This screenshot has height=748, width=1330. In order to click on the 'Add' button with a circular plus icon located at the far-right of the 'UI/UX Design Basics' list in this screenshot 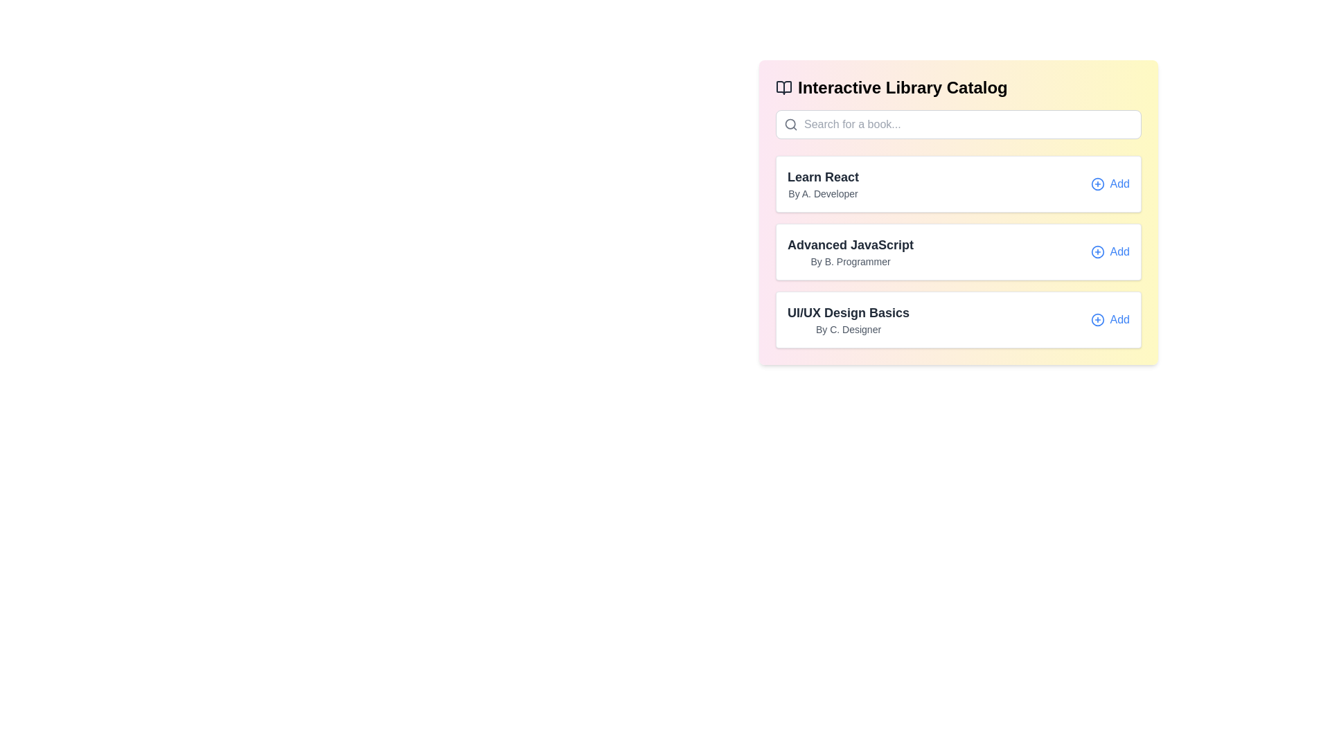, I will do `click(1110, 320)`.